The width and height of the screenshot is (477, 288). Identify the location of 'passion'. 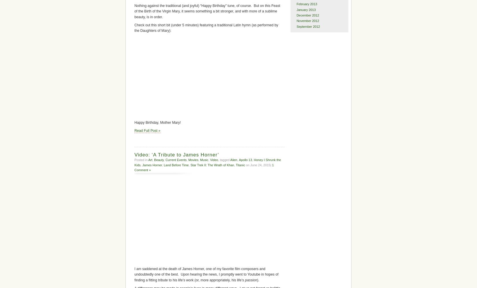
(251, 280).